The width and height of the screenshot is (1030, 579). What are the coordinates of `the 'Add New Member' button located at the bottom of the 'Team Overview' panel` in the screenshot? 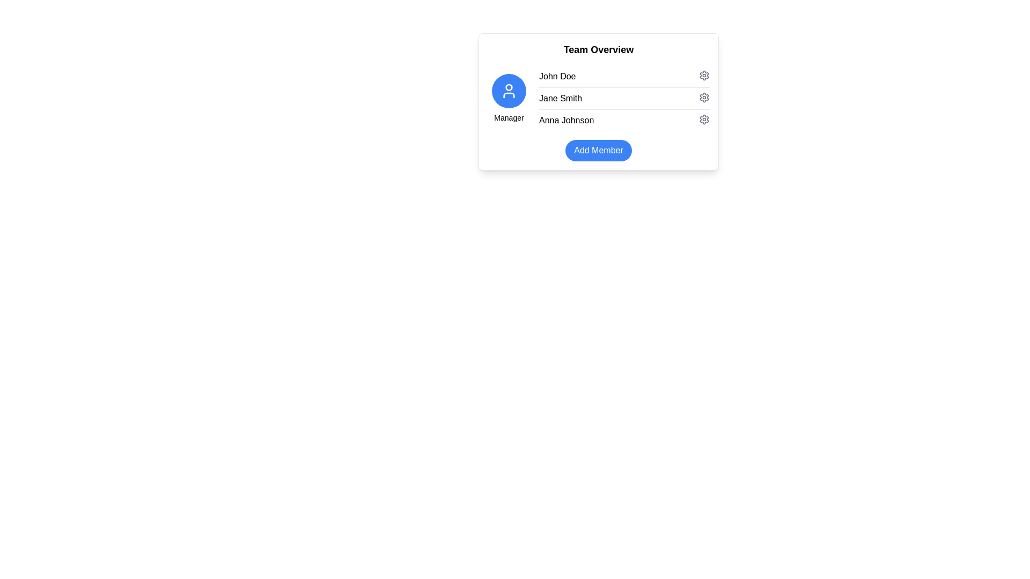 It's located at (598, 151).